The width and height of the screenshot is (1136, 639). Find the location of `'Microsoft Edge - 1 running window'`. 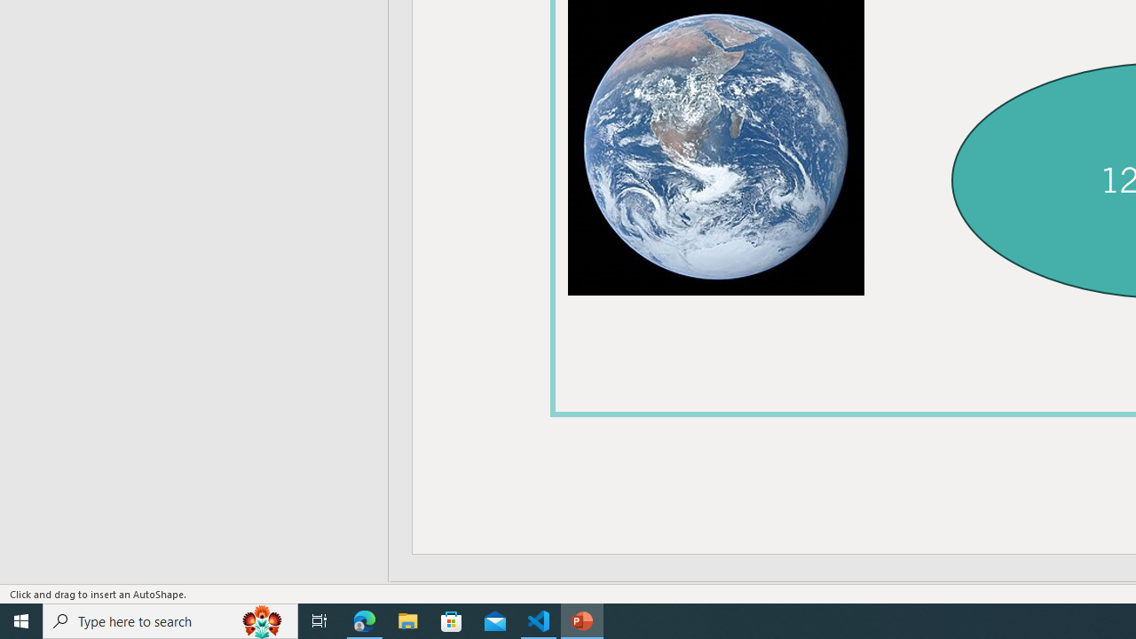

'Microsoft Edge - 1 running window' is located at coordinates (364, 619).